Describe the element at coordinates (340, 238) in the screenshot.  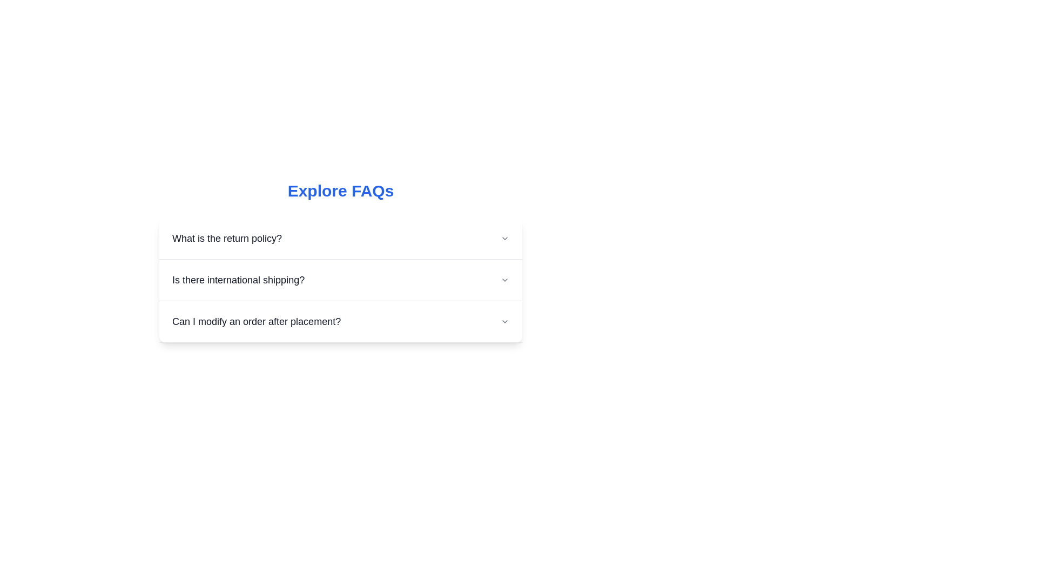
I see `the first FAQ entry in the collapsible list` at that location.